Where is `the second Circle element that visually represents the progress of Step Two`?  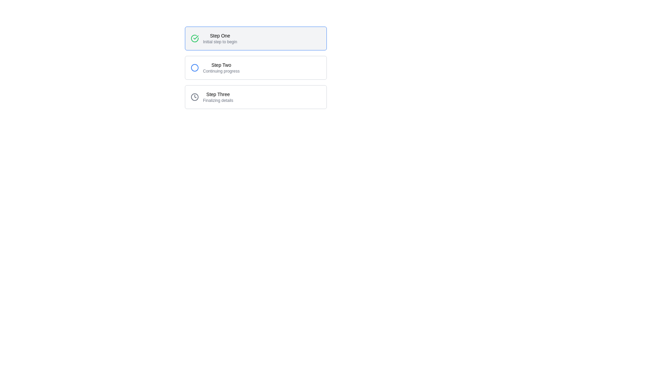 the second Circle element that visually represents the progress of Step Two is located at coordinates (194, 68).